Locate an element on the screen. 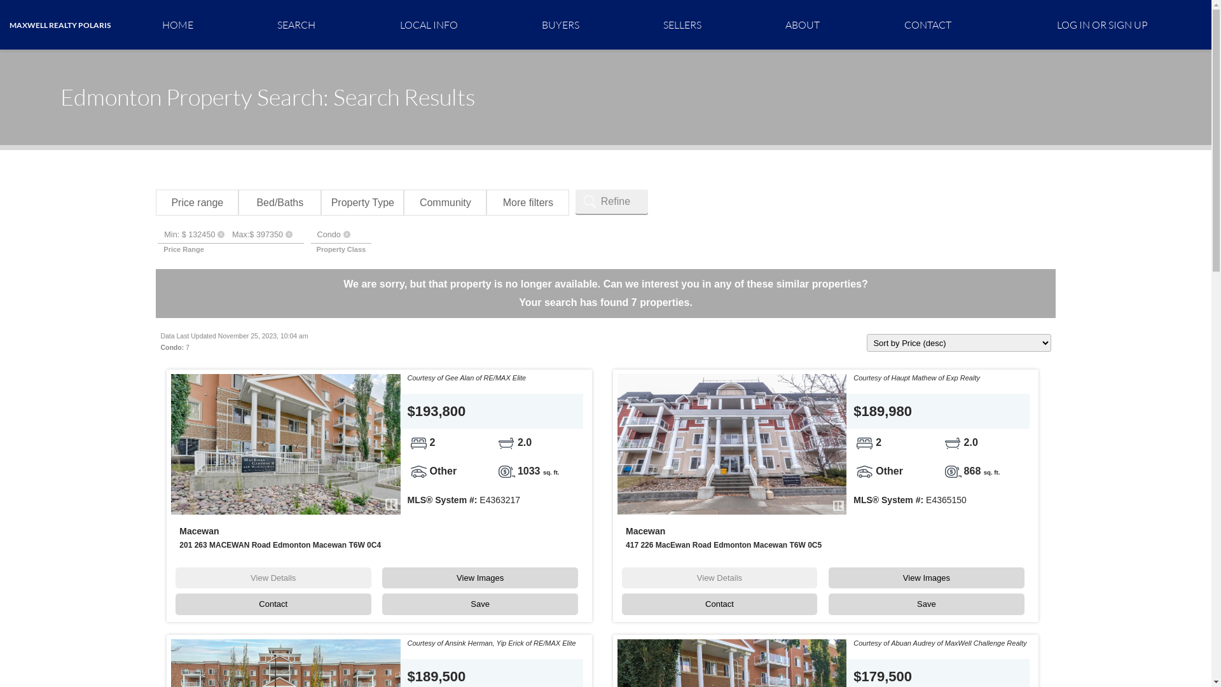  'SEARCH' is located at coordinates (235, 24).